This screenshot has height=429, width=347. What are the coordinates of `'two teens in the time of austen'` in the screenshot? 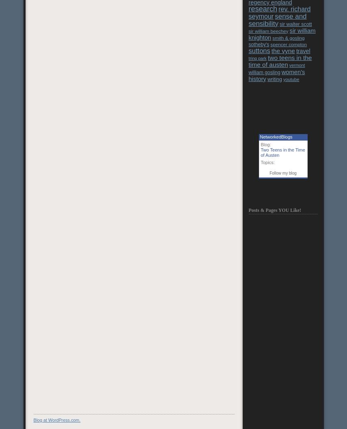 It's located at (248, 61).